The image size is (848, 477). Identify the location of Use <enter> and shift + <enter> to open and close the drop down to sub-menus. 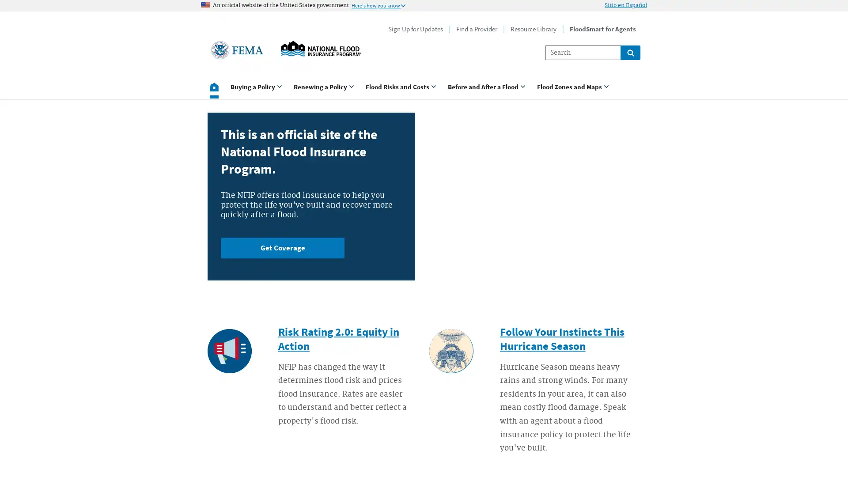
(574, 86).